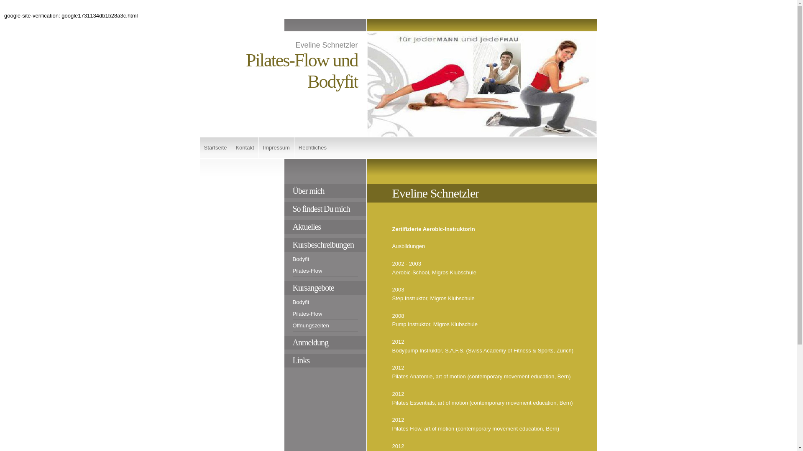 This screenshot has width=803, height=451. I want to click on 'Kontakt', so click(244, 147).